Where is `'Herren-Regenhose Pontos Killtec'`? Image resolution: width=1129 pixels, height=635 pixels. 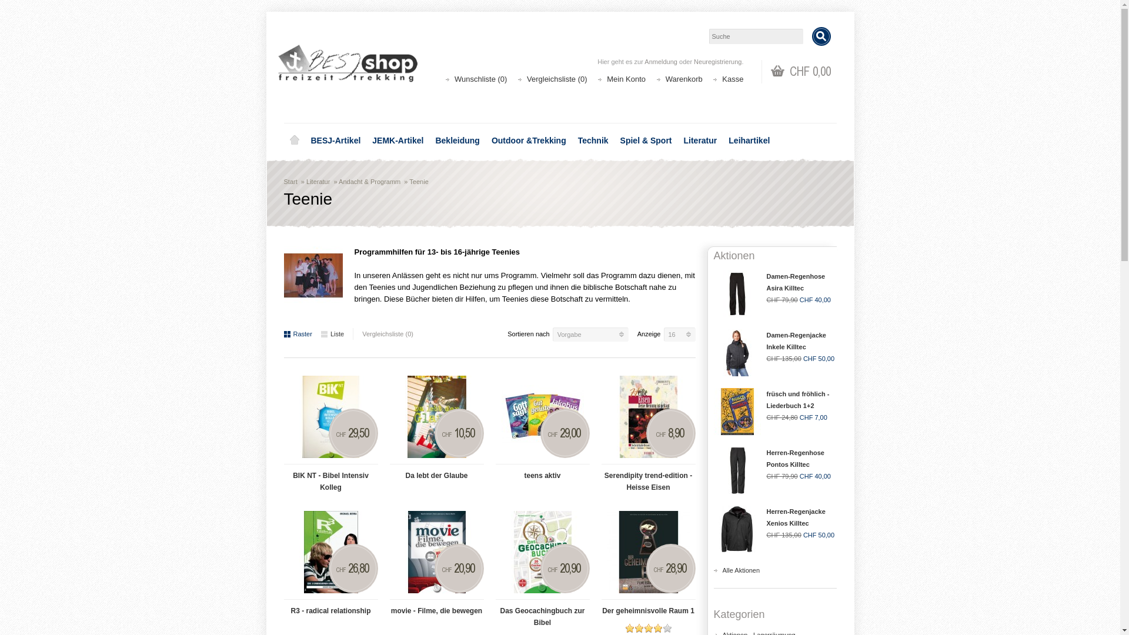
'Herren-Regenhose Pontos Killtec' is located at coordinates (796, 457).